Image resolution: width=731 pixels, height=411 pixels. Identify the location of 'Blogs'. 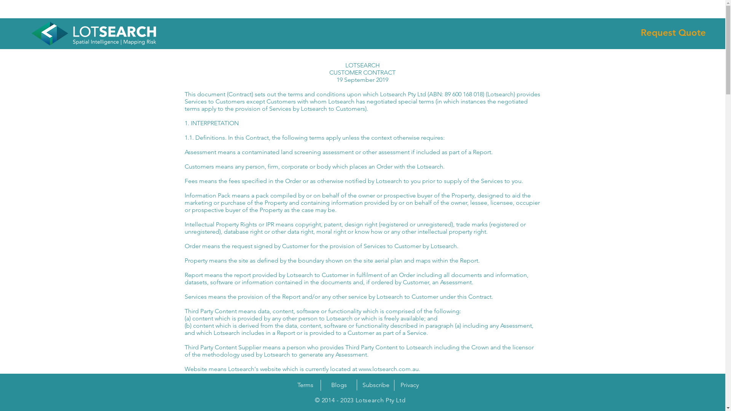
(338, 385).